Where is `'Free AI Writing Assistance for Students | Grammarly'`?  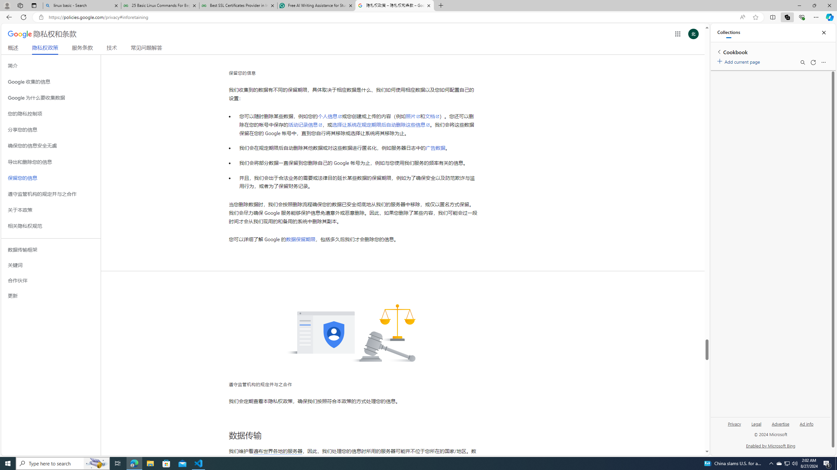 'Free AI Writing Assistance for Students | Grammarly' is located at coordinates (316, 5).